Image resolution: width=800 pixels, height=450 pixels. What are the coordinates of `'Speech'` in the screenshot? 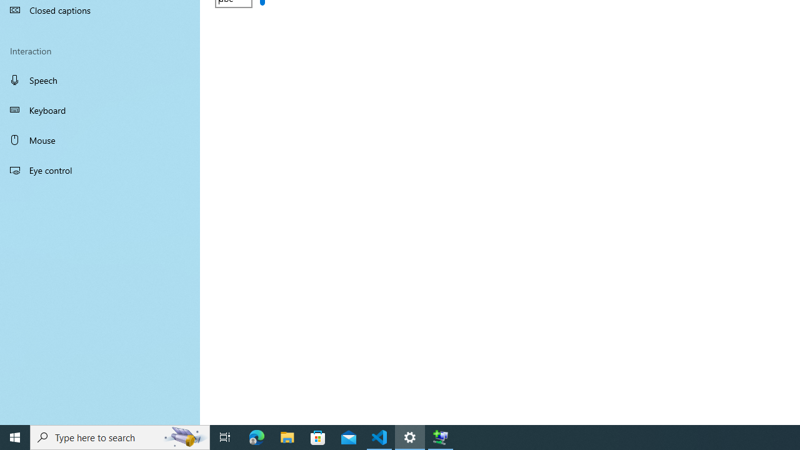 It's located at (100, 79).